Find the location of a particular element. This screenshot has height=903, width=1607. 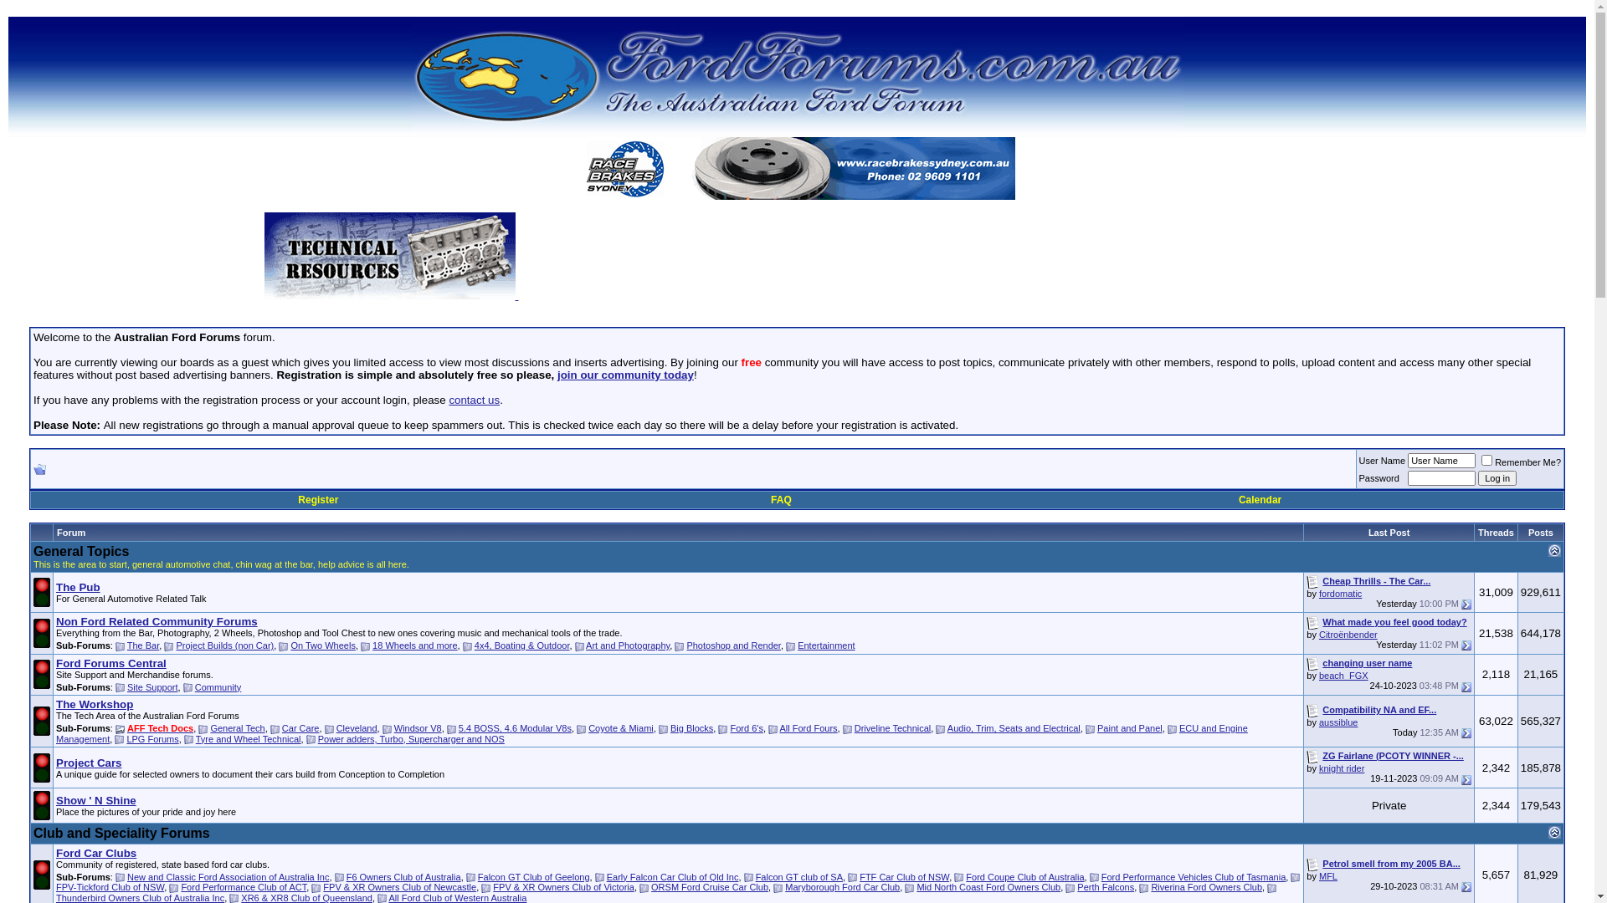

'FPV & XR Owners Club of Victoria' is located at coordinates (563, 885).